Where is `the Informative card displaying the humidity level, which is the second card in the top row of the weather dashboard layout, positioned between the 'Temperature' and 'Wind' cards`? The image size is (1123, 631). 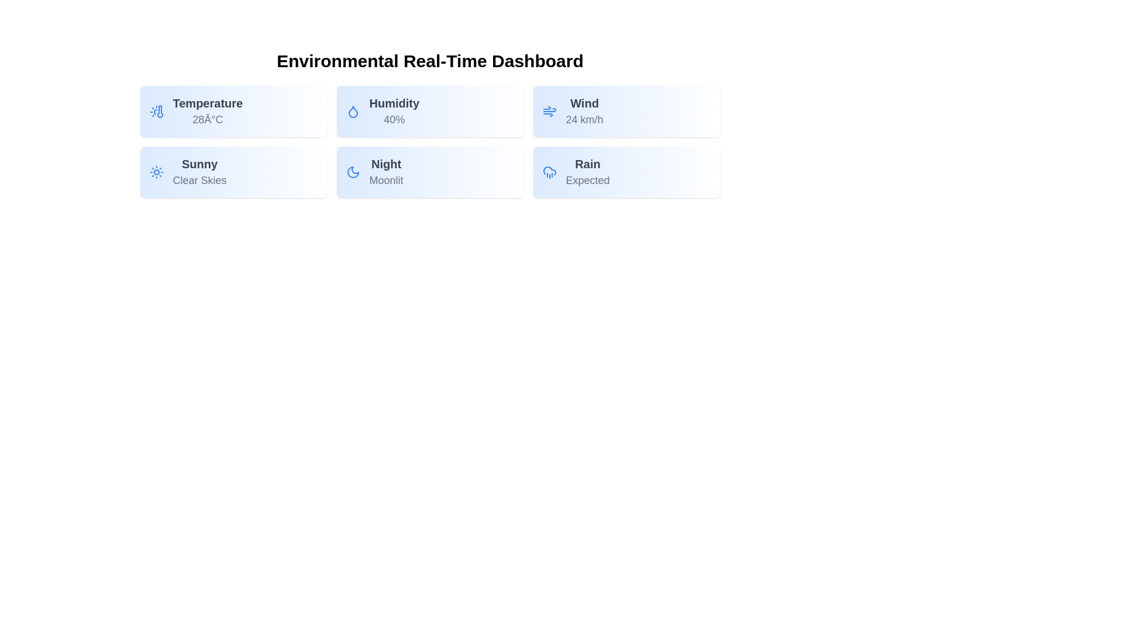 the Informative card displaying the humidity level, which is the second card in the top row of the weather dashboard layout, positioned between the 'Temperature' and 'Wind' cards is located at coordinates (429, 112).